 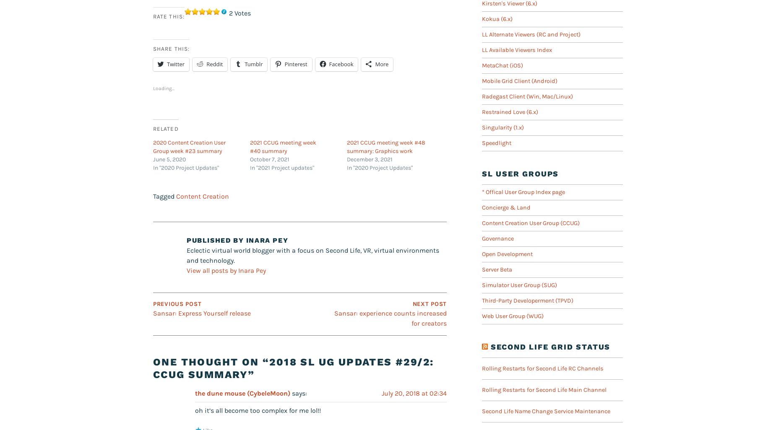 I want to click on 'Content Creation', so click(x=203, y=195).